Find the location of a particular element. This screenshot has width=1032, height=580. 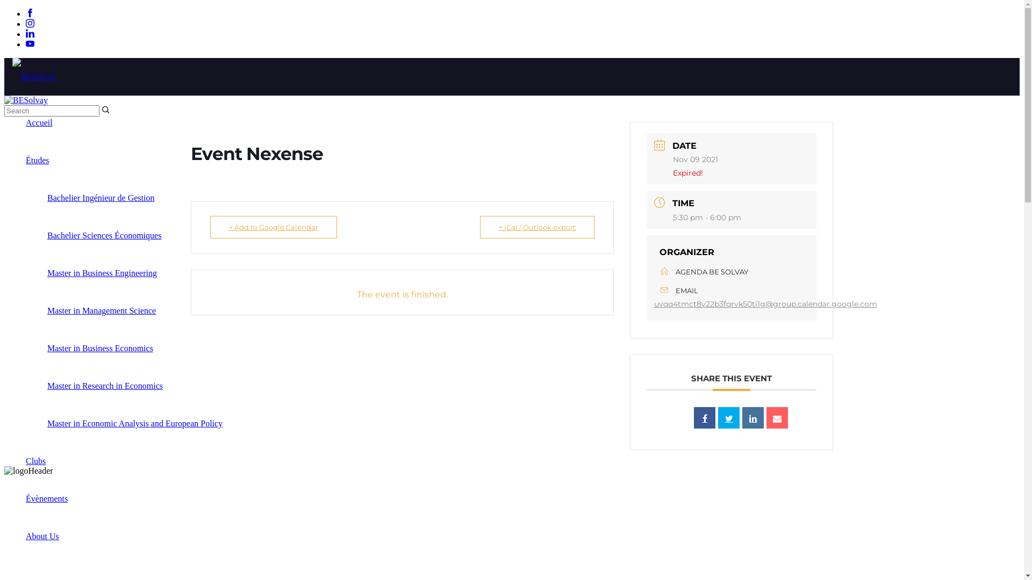

'Tweet' is located at coordinates (718, 417).